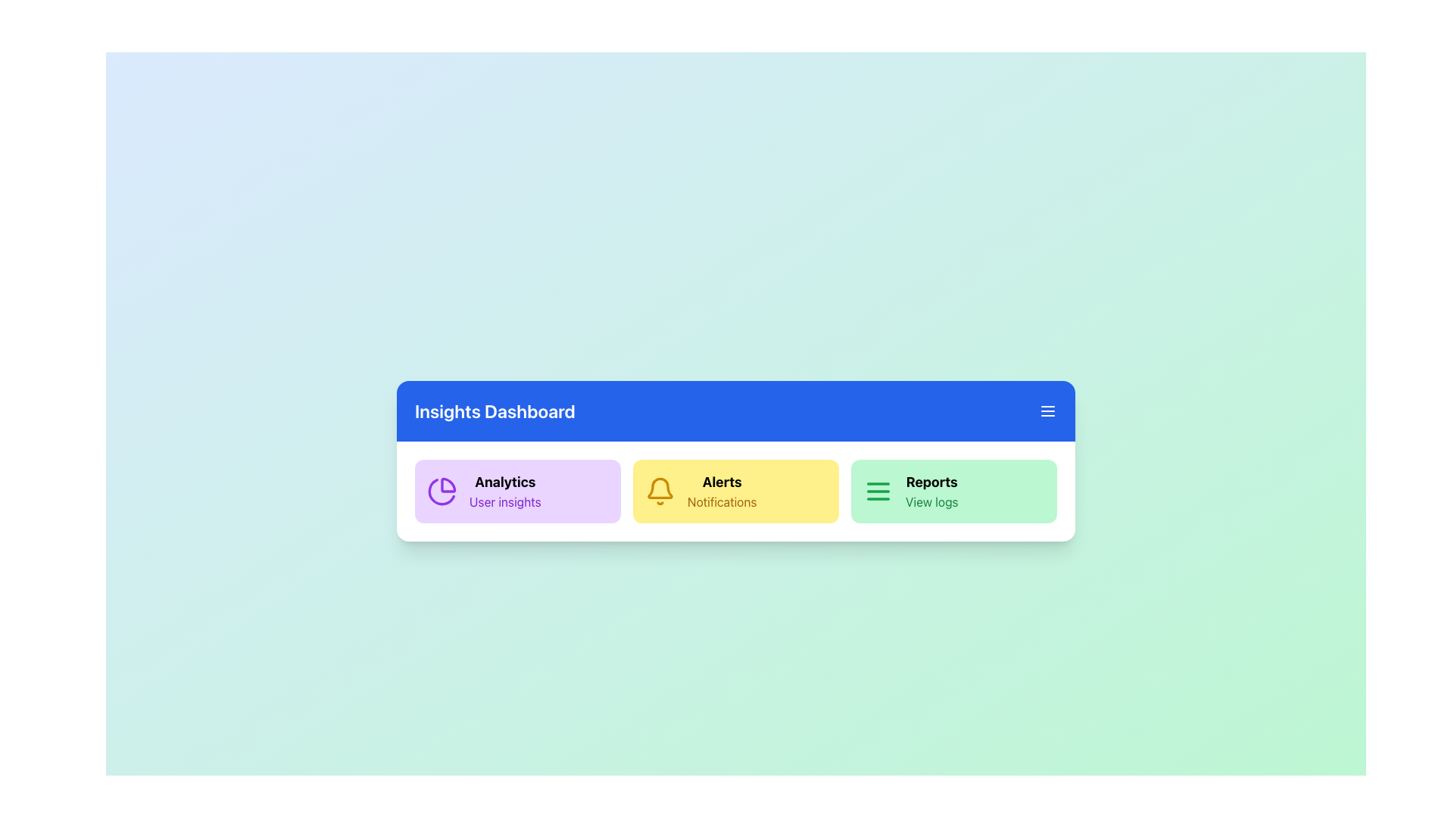  What do you see at coordinates (953, 491) in the screenshot?
I see `the green card titled 'Reports' located at the bottom right section of the interface` at bounding box center [953, 491].